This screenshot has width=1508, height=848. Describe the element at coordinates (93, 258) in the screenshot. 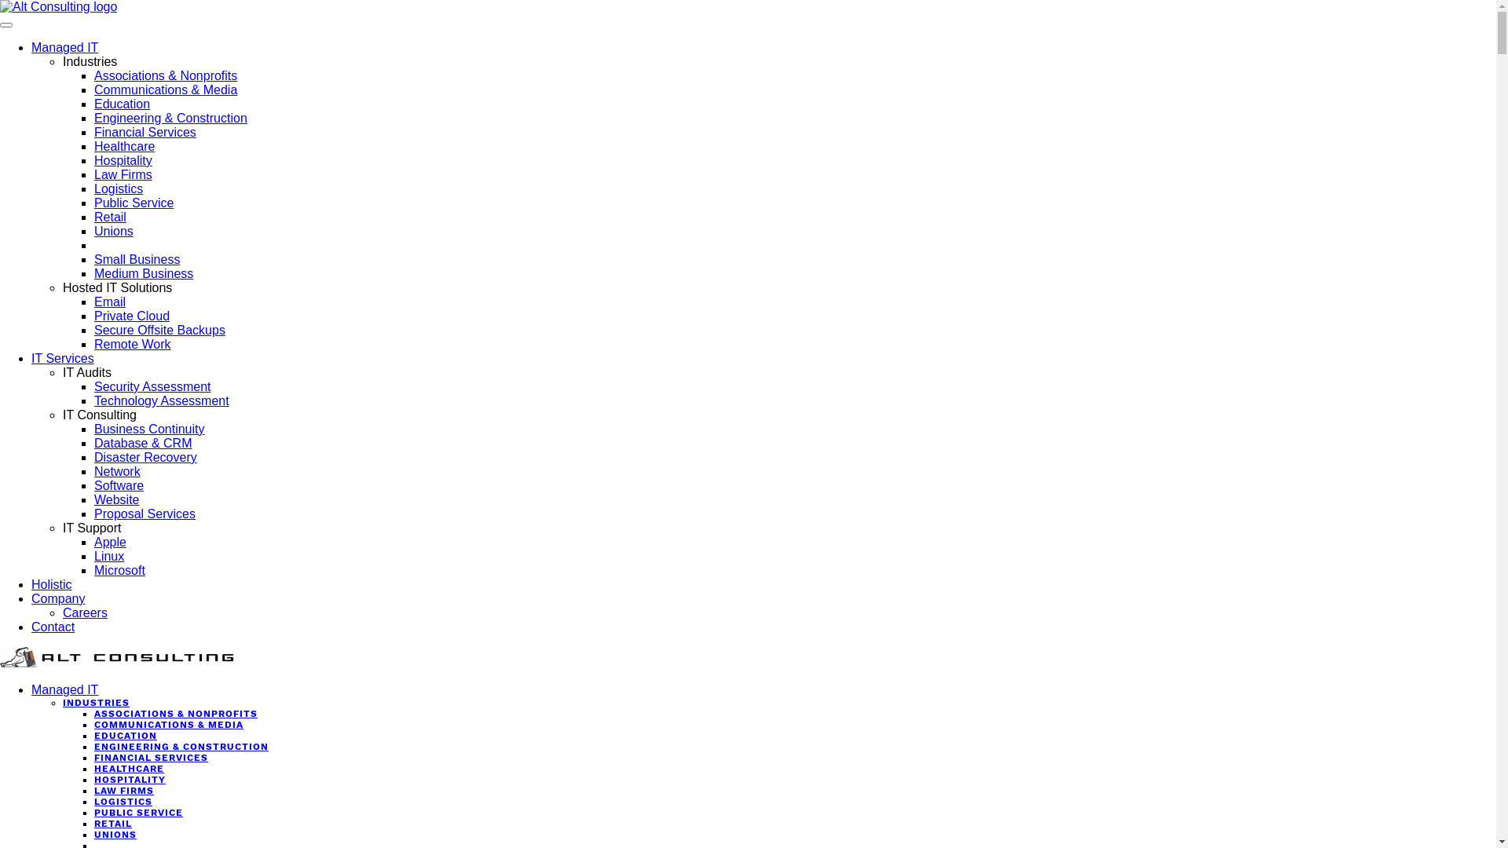

I see `'Small Business'` at that location.